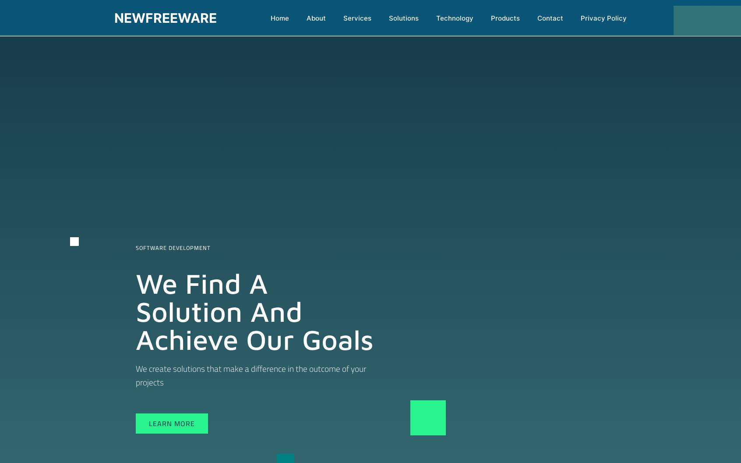 This screenshot has height=463, width=741. What do you see at coordinates (165, 18) in the screenshot?
I see `'NEWFREEWARE'` at bounding box center [165, 18].